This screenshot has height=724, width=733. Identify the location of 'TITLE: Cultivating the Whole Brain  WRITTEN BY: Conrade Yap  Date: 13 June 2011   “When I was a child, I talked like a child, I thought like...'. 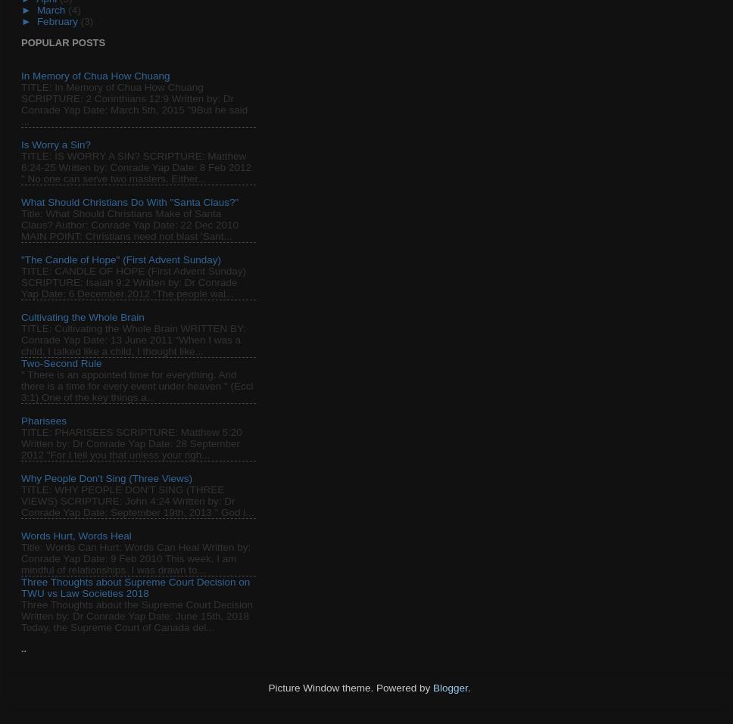
(133, 338).